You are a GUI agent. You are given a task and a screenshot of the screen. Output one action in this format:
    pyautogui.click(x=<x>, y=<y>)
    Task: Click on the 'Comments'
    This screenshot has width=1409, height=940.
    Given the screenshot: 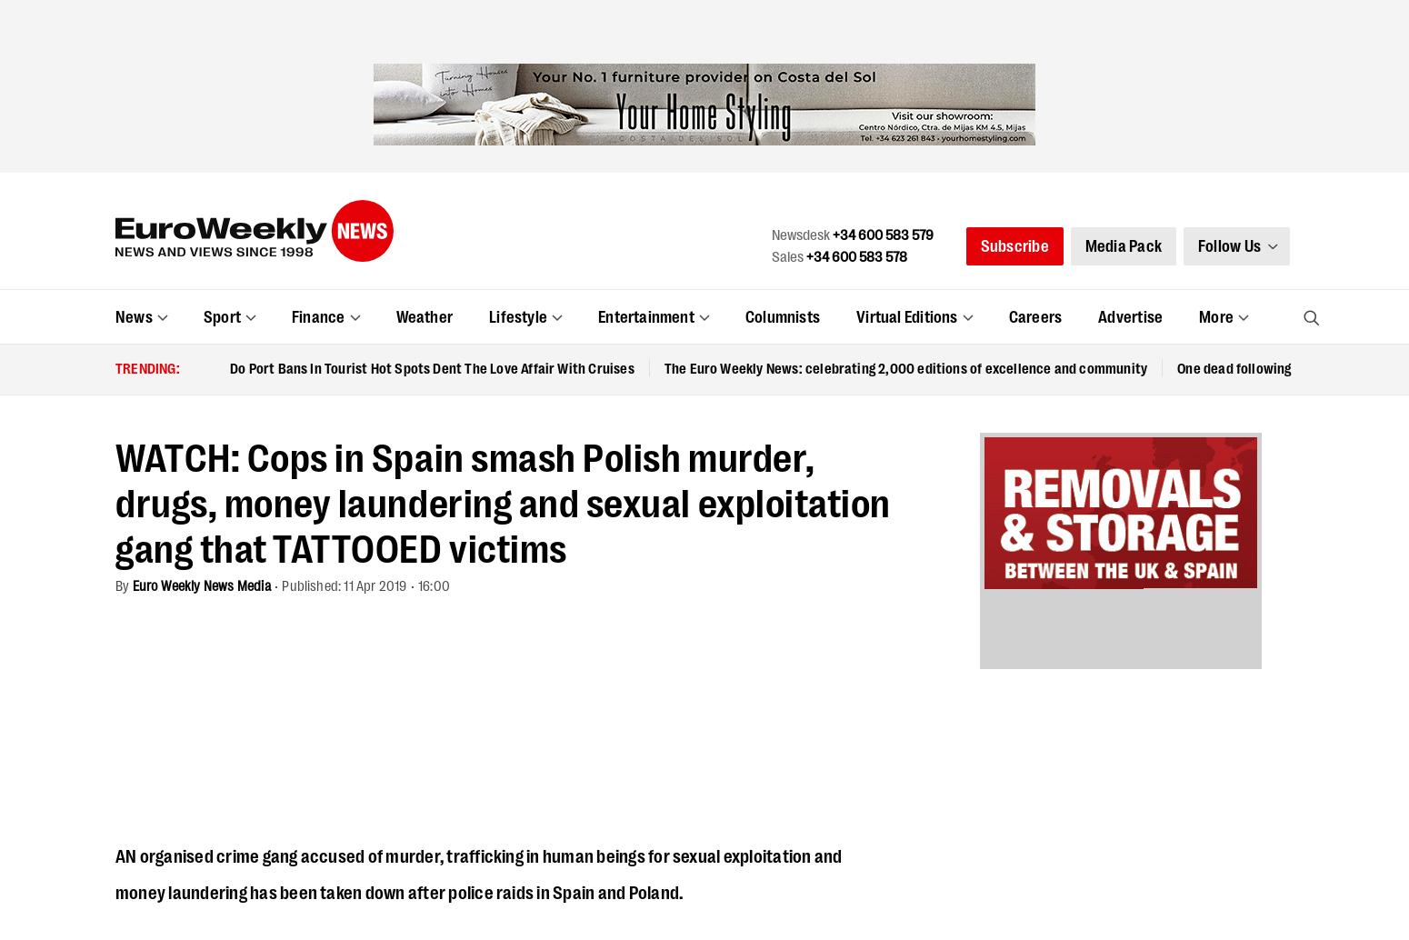 What is the action you would take?
    pyautogui.click(x=169, y=593)
    